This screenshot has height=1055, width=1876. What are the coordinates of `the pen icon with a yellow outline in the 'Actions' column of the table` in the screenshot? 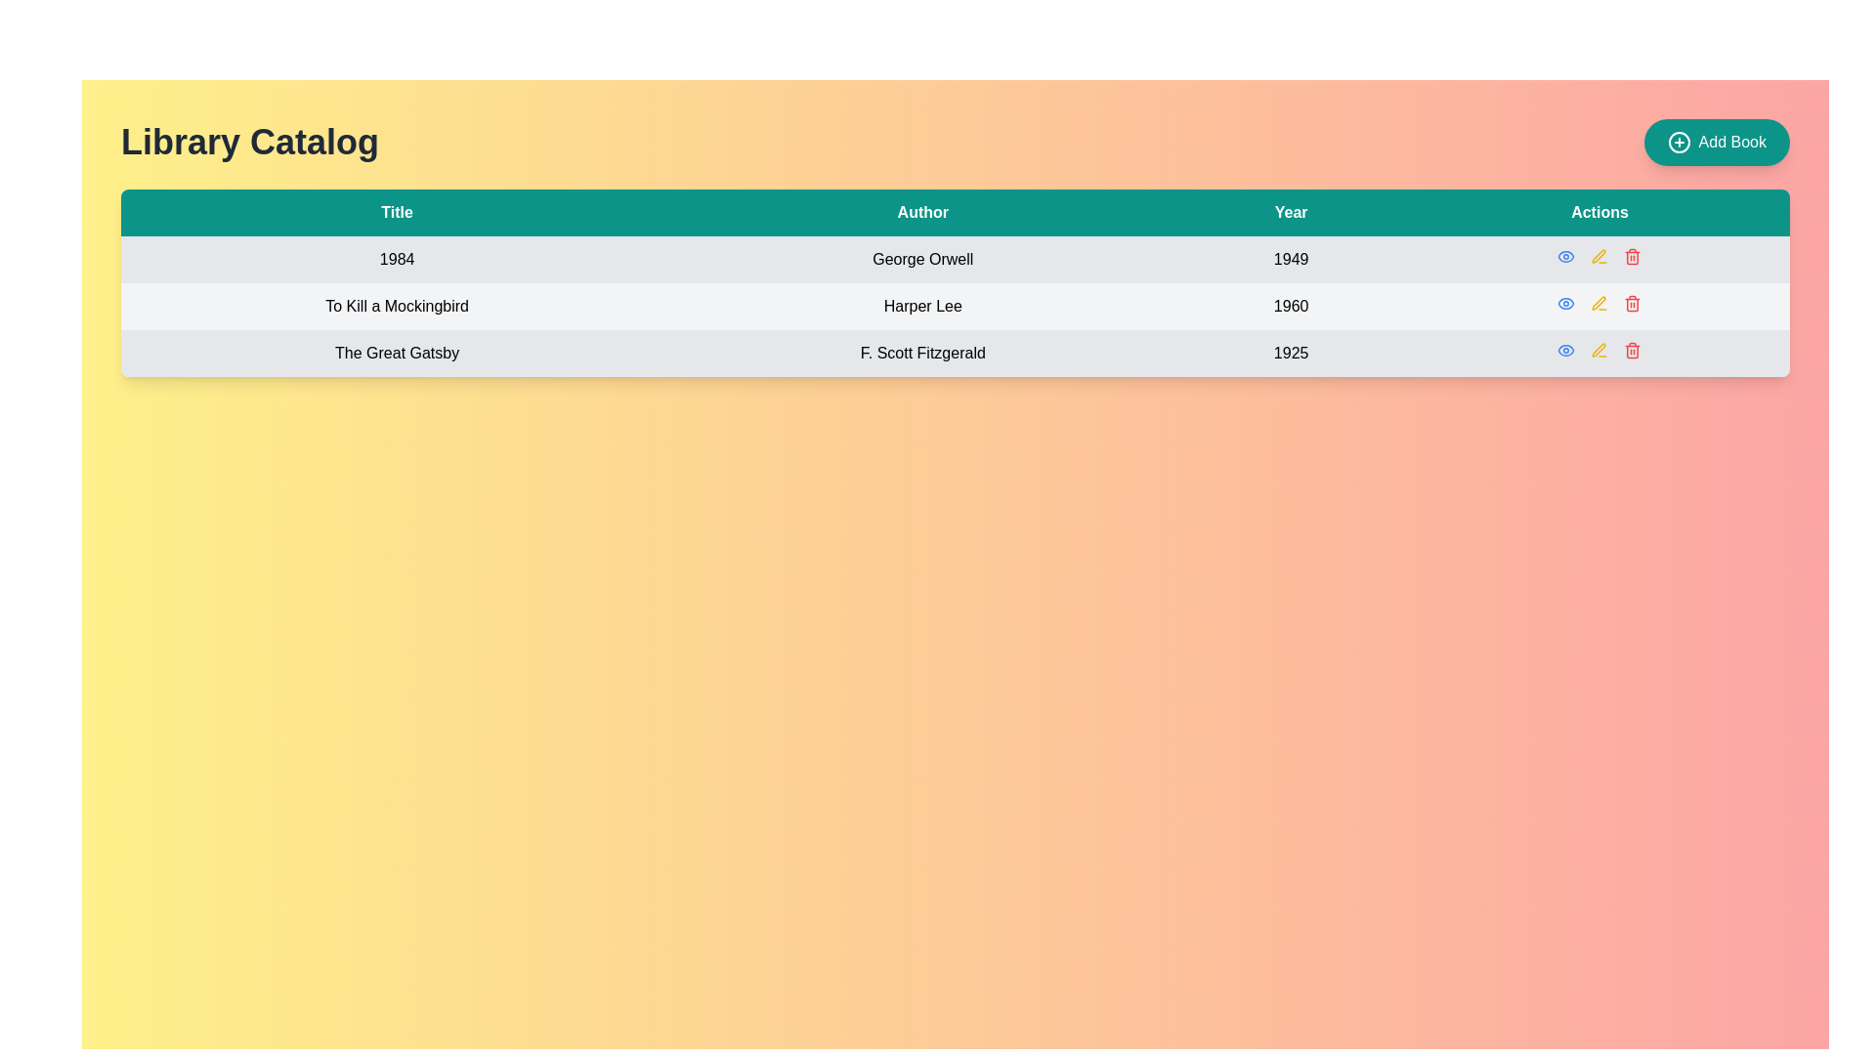 It's located at (1599, 303).